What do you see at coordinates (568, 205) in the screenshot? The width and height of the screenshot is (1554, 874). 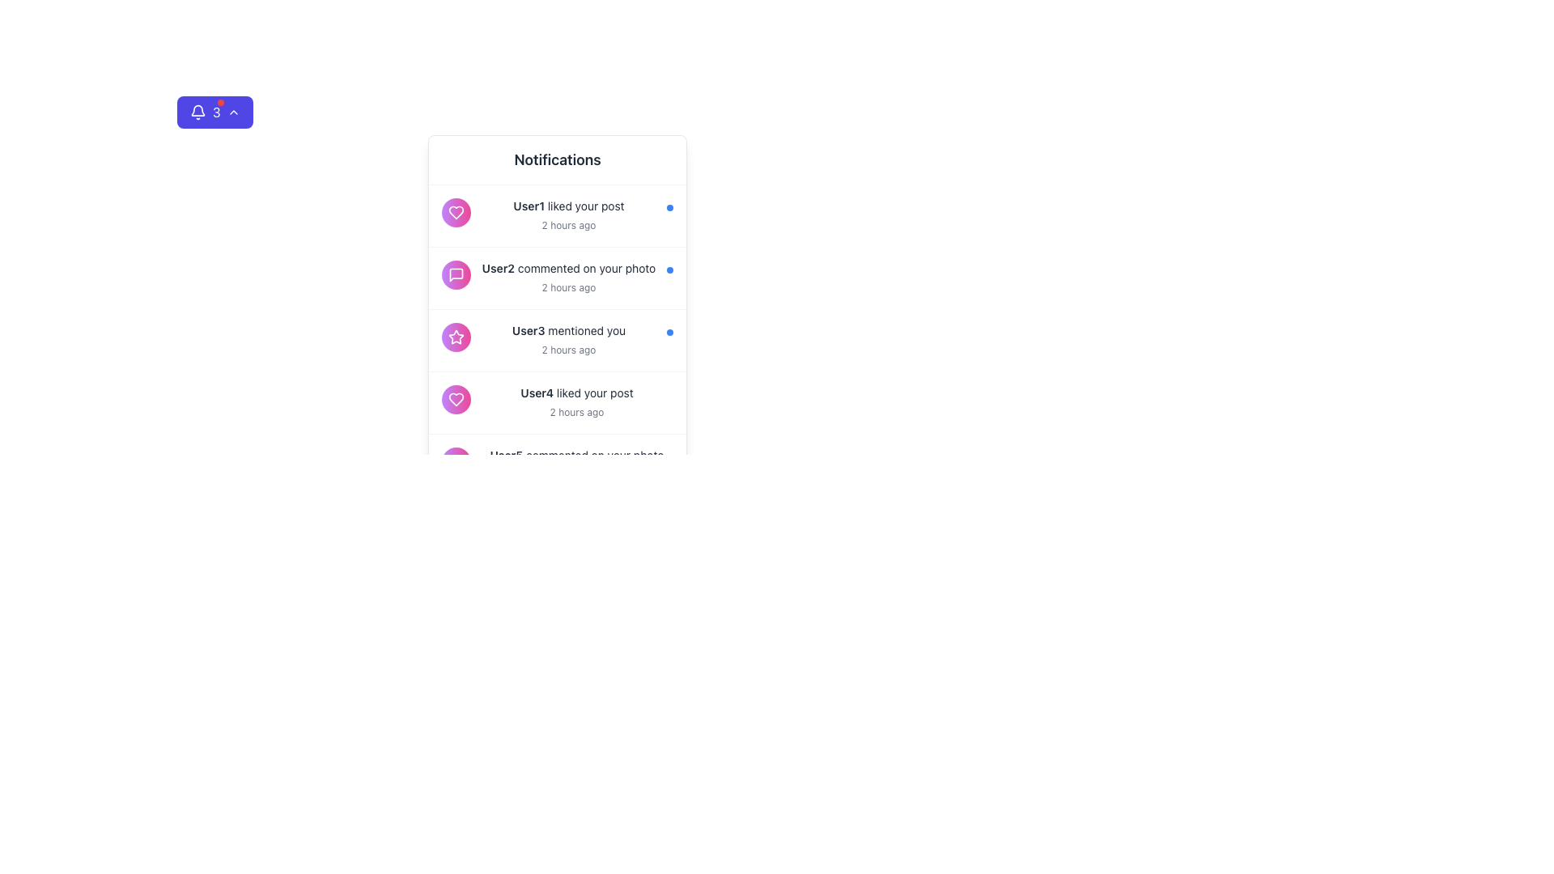 I see `the text label that informs the user that 'User1' liked their post, which is the uppermost notification in the notification panel` at bounding box center [568, 205].